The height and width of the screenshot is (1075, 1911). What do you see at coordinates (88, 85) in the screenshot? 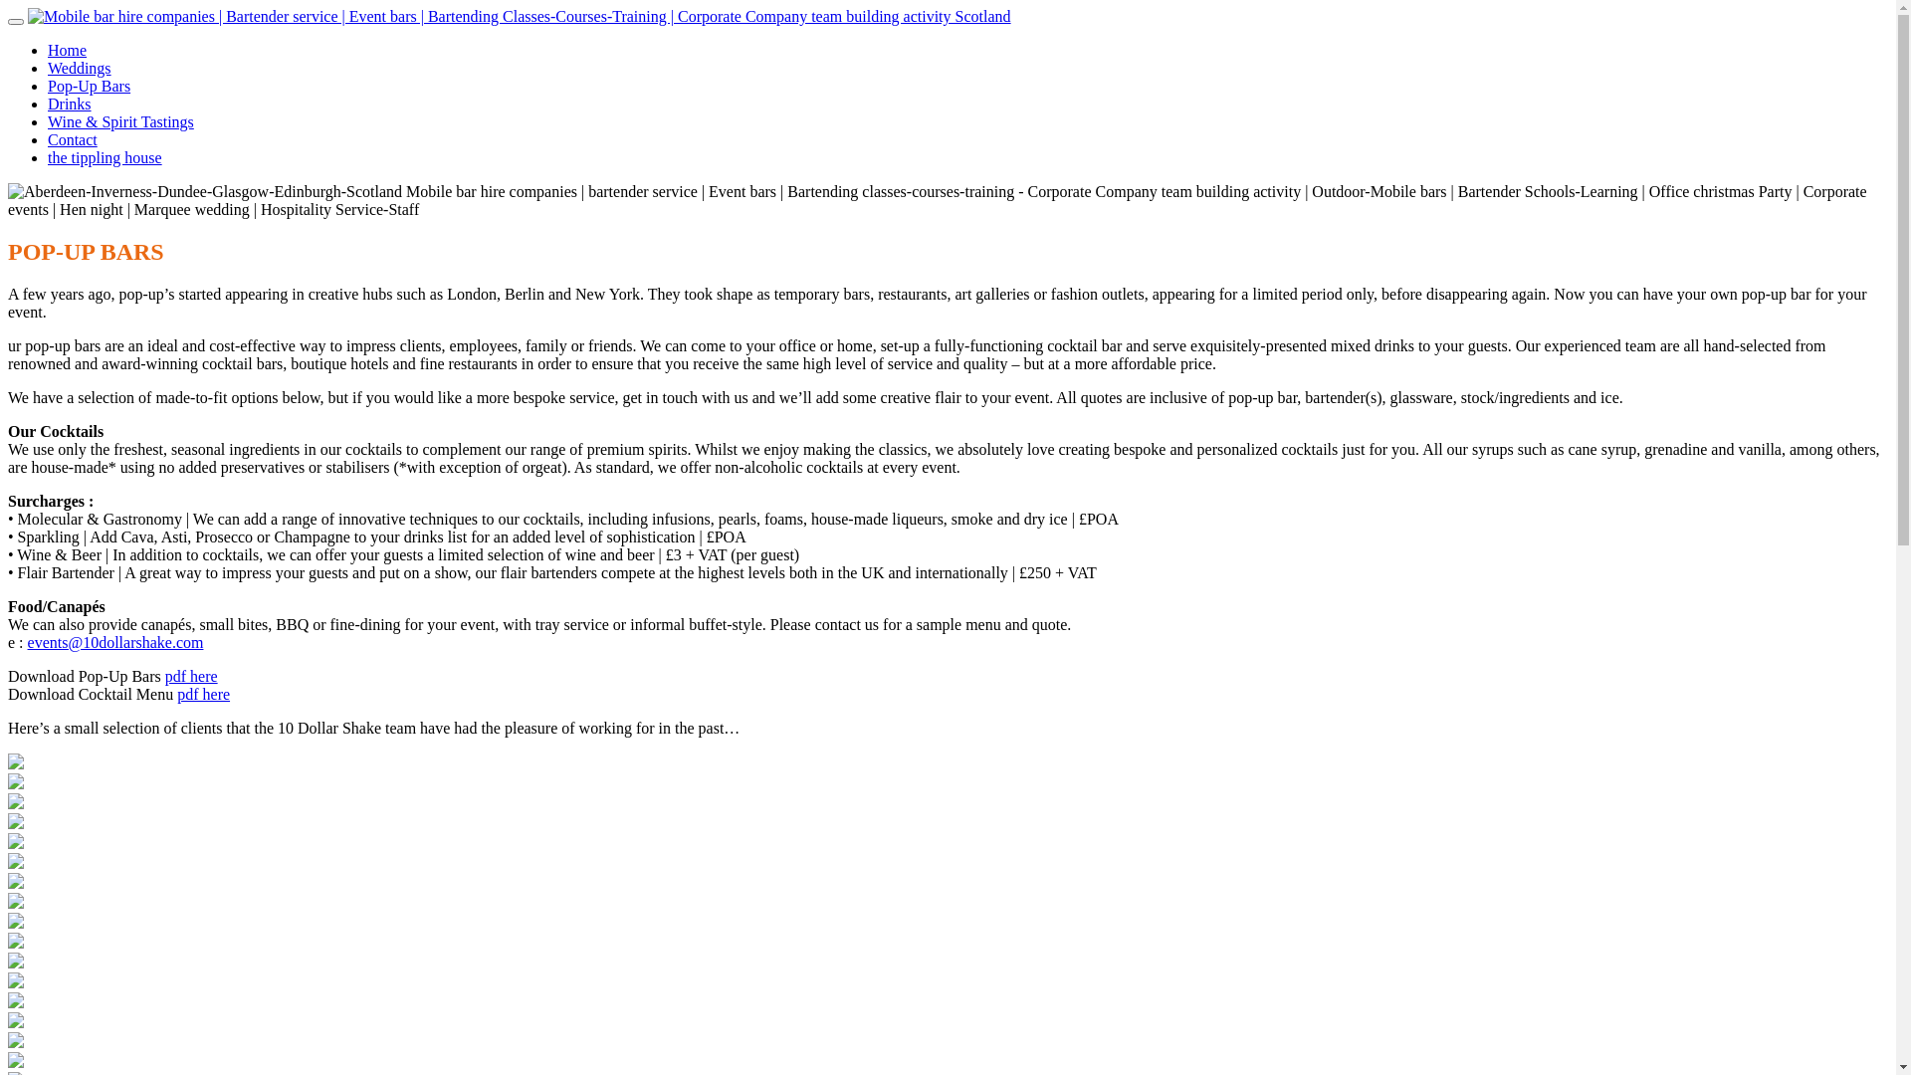
I see `'Pop-Up Bars'` at bounding box center [88, 85].